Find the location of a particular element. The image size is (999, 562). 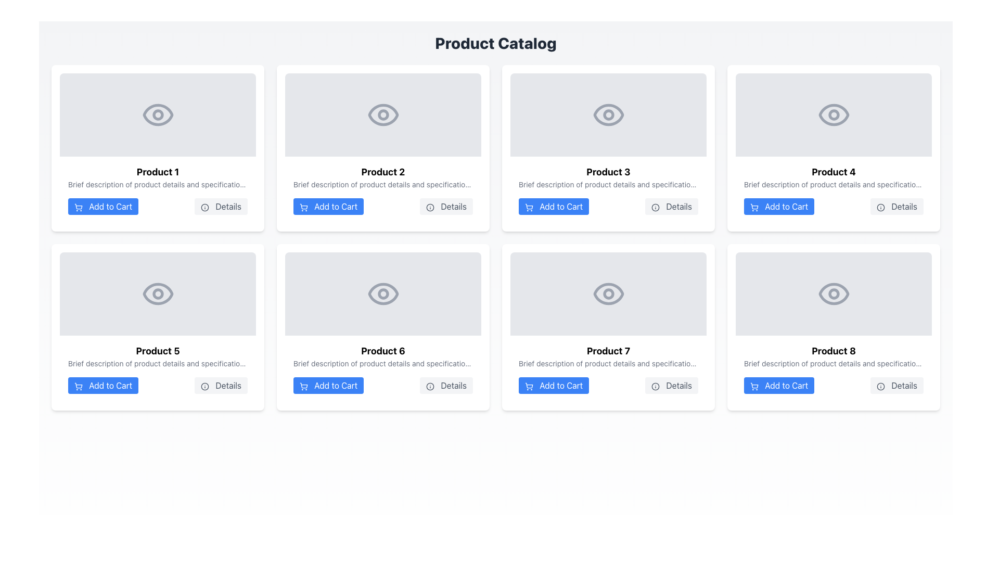

the elliptical outer shape of the eye icon located at the top center of the 'Product 7' card in the third row and second column of the product grid is located at coordinates (608, 293).